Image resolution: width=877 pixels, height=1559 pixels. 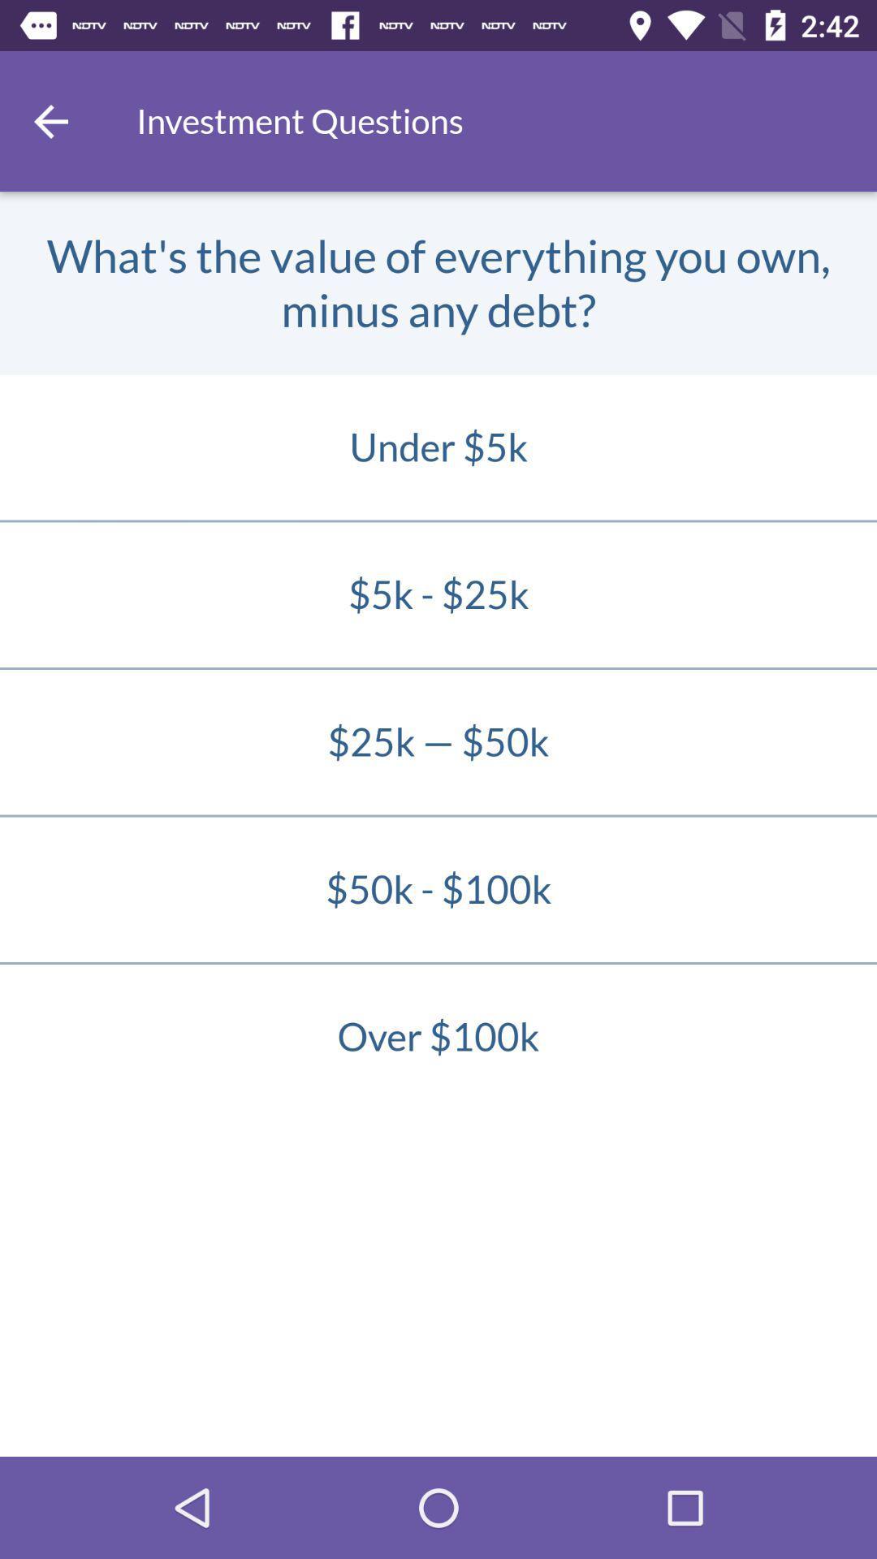 I want to click on previous, so click(x=50, y=120).